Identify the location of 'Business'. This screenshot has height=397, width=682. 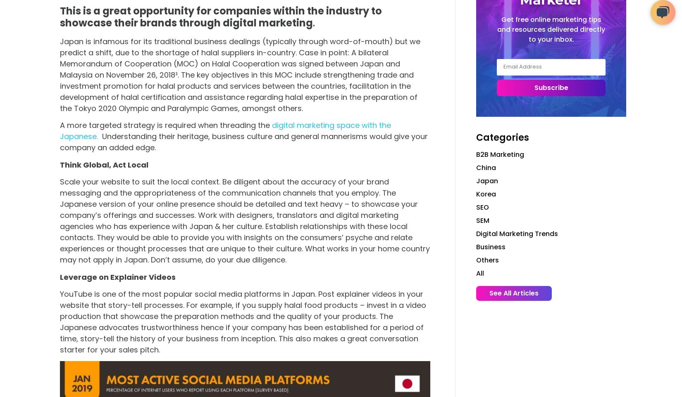
(476, 246).